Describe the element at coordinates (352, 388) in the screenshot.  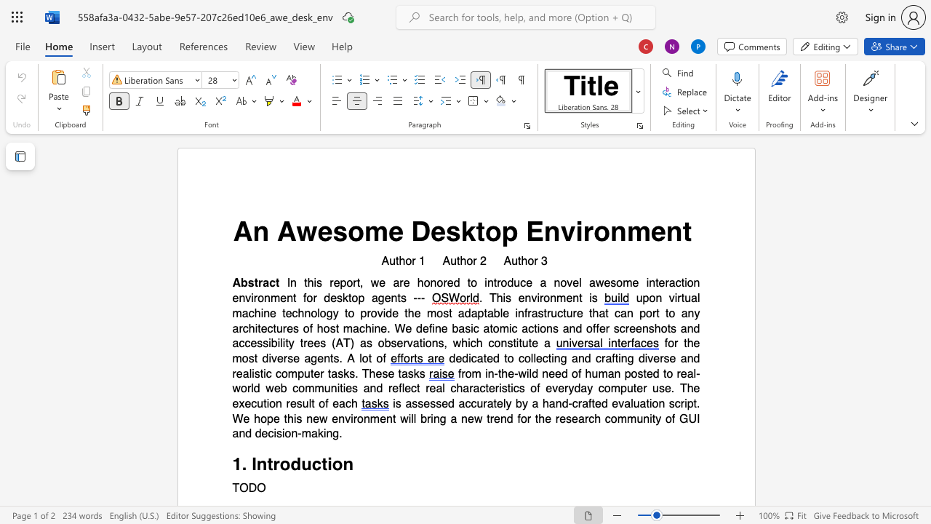
I see `the subset text "s and reflect real characteristics of everyday computer use. The execution result of ea" within the text "from in-the-wild need of human posted to real-world web communities and reflect real characteristics of everyday computer use. The execution result of each"` at that location.